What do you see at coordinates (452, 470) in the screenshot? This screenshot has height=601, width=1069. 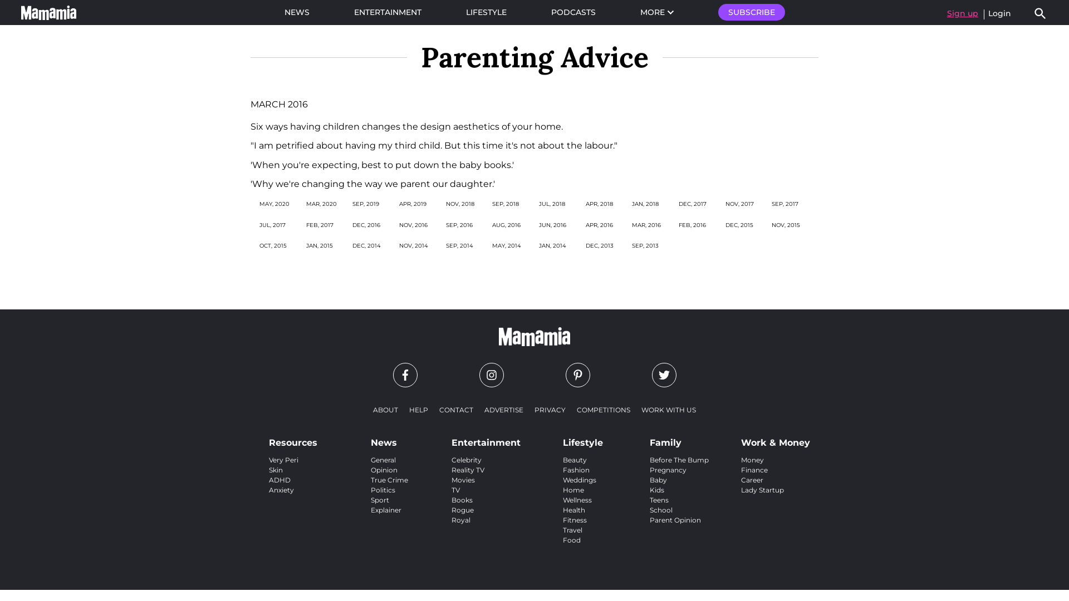 I see `'Reality TV'` at bounding box center [452, 470].